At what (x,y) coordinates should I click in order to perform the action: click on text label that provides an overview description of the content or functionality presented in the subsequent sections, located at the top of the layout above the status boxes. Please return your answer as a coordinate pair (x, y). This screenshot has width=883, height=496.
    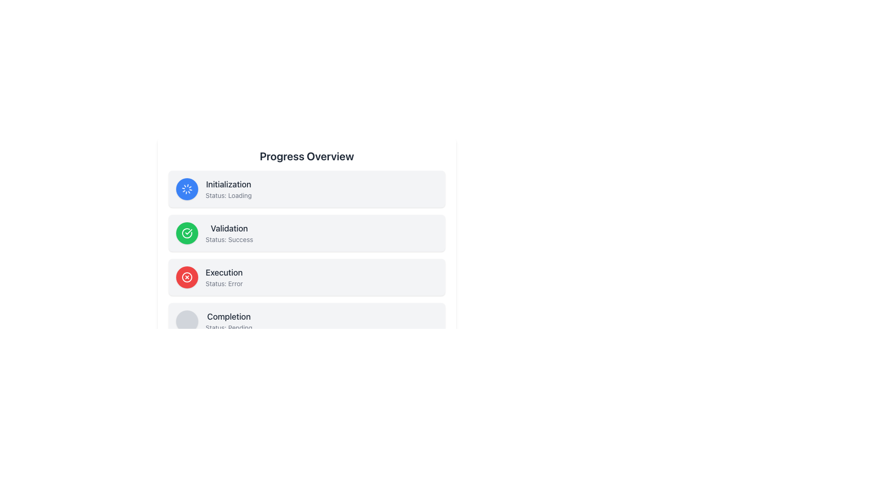
    Looking at the image, I should click on (307, 155).